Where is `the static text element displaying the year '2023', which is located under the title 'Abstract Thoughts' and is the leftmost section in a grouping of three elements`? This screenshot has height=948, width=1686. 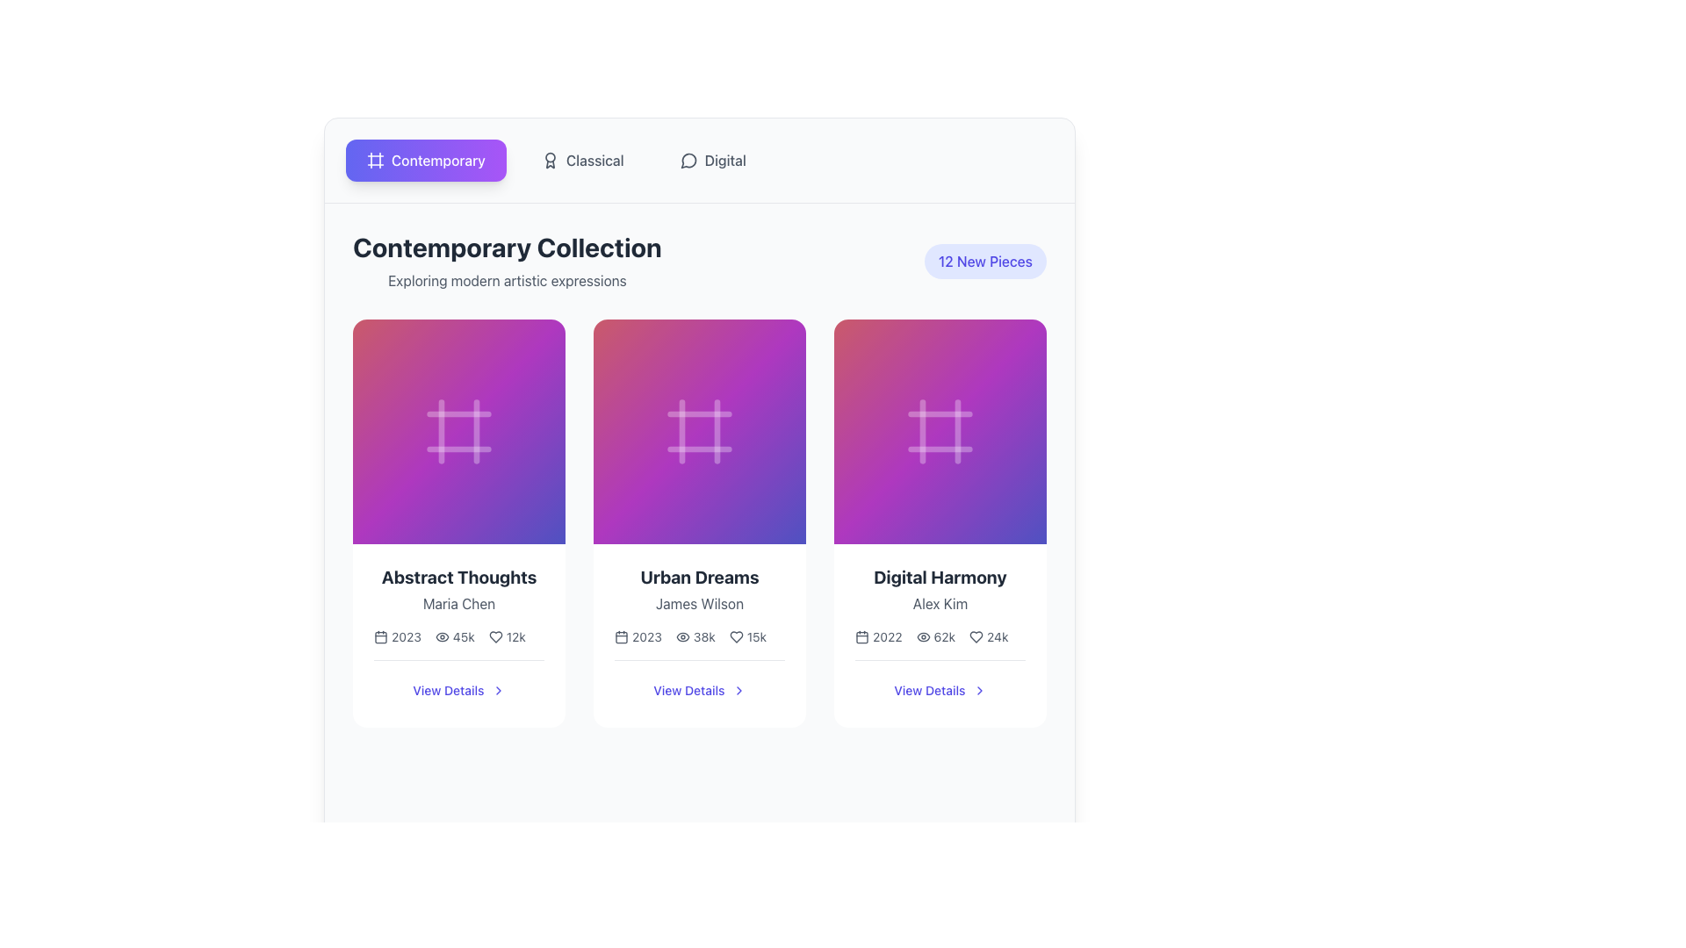 the static text element displaying the year '2023', which is located under the title 'Abstract Thoughts' and is the leftmost section in a grouping of three elements is located at coordinates (396, 636).